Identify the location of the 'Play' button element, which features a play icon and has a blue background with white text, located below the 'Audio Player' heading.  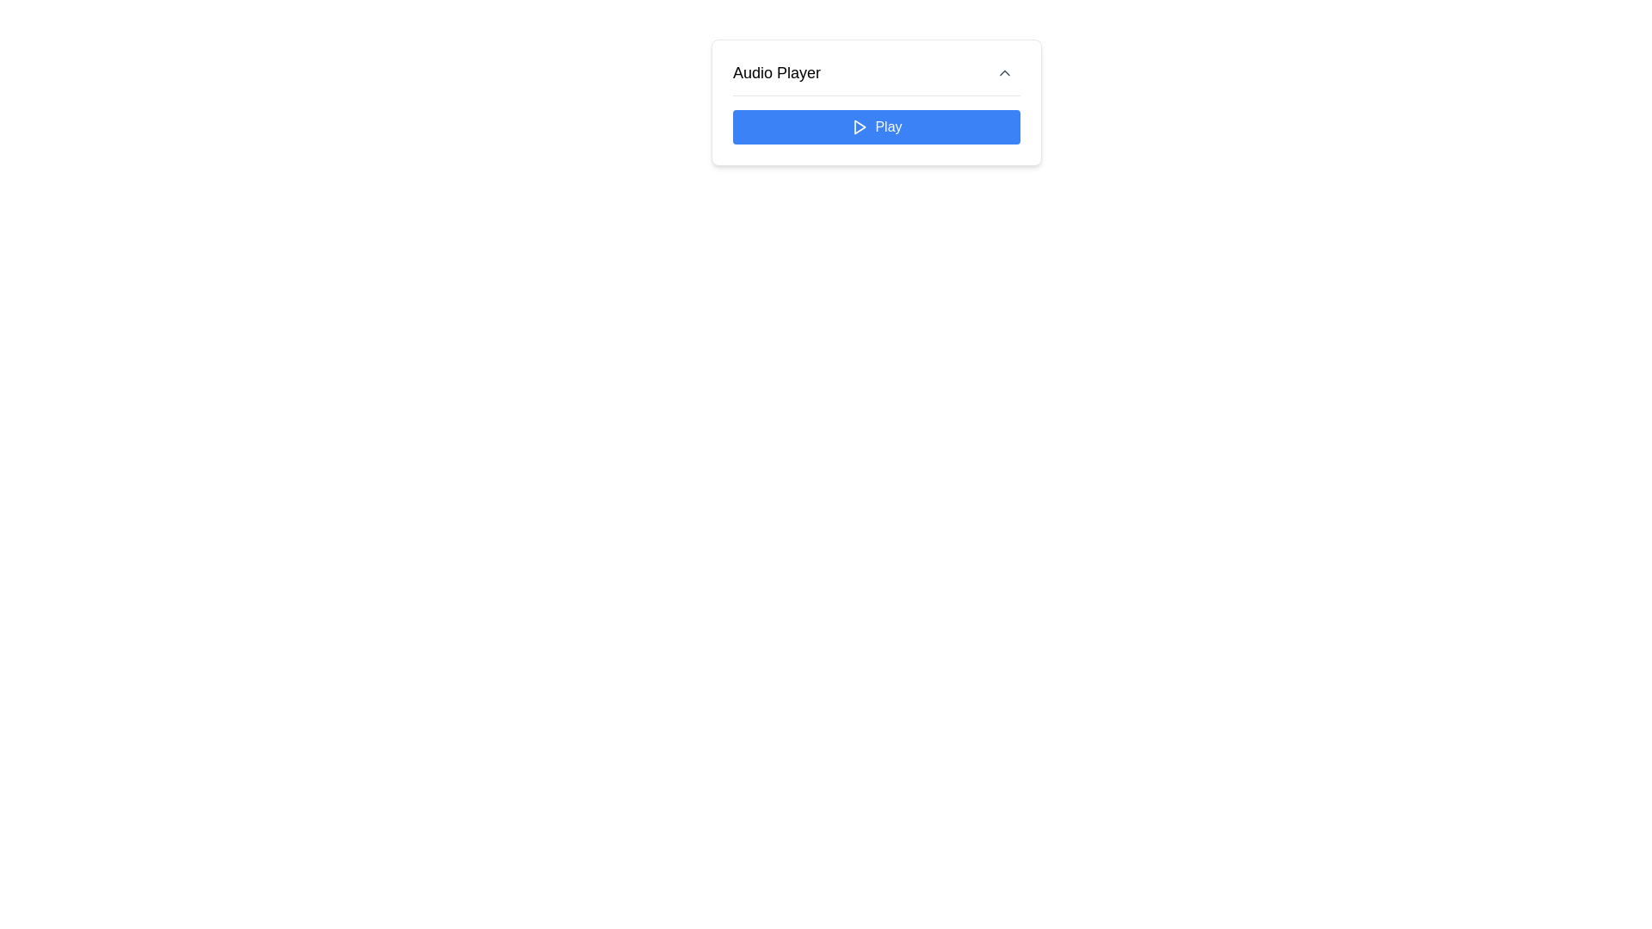
(876, 126).